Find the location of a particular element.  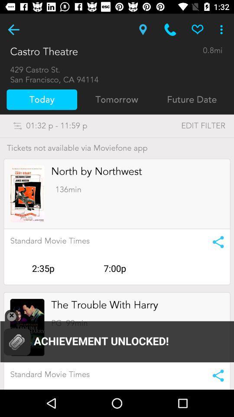

advertisement page is located at coordinates (27, 194).